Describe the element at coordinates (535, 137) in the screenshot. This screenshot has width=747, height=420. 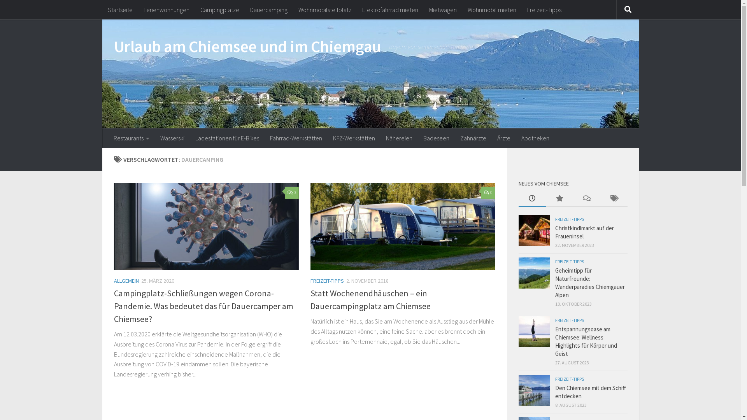
I see `'Apotheken'` at that location.